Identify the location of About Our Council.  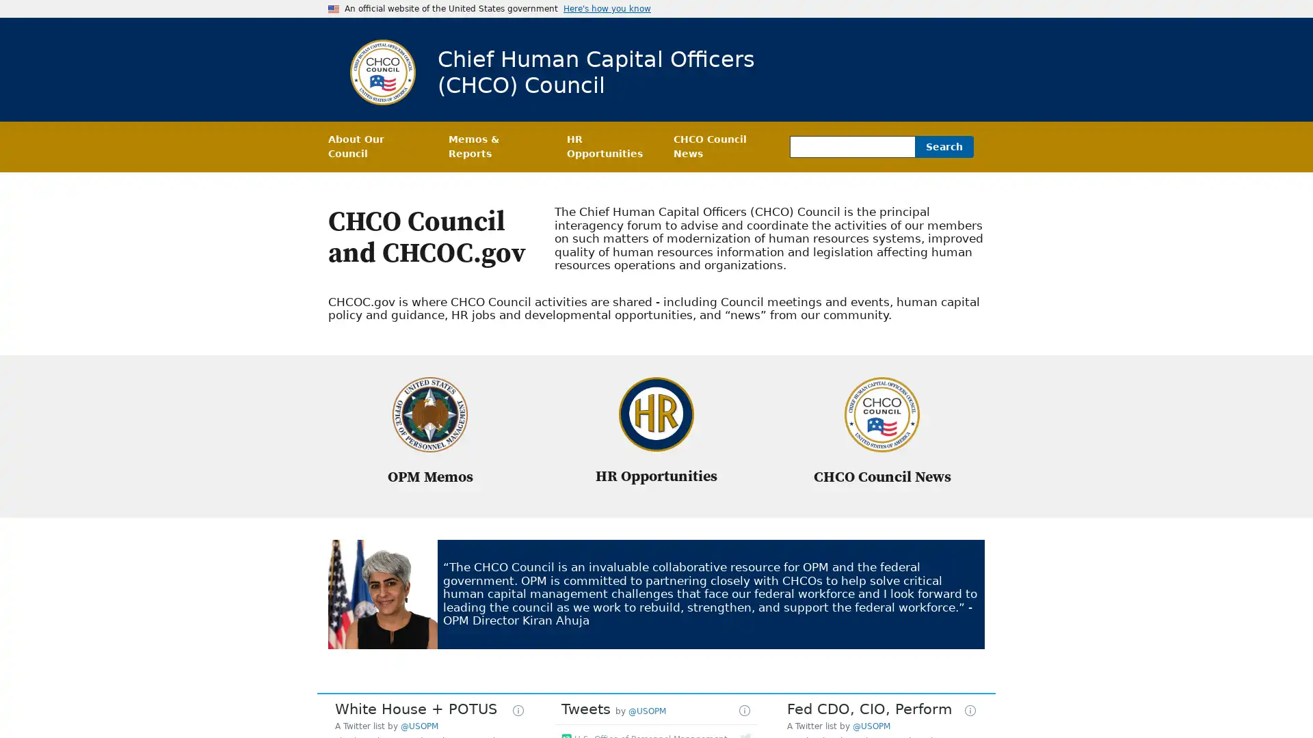
(377, 147).